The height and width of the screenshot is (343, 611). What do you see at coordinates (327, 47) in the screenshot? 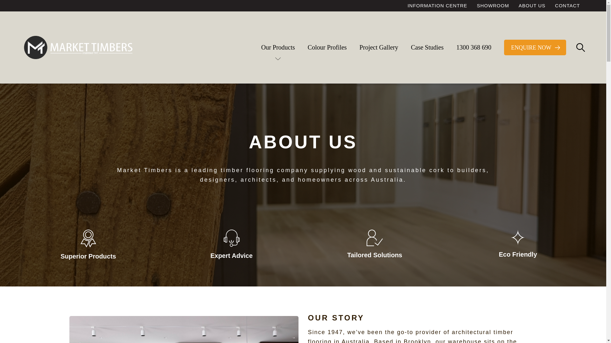
I see `'Colour Profiles'` at bounding box center [327, 47].